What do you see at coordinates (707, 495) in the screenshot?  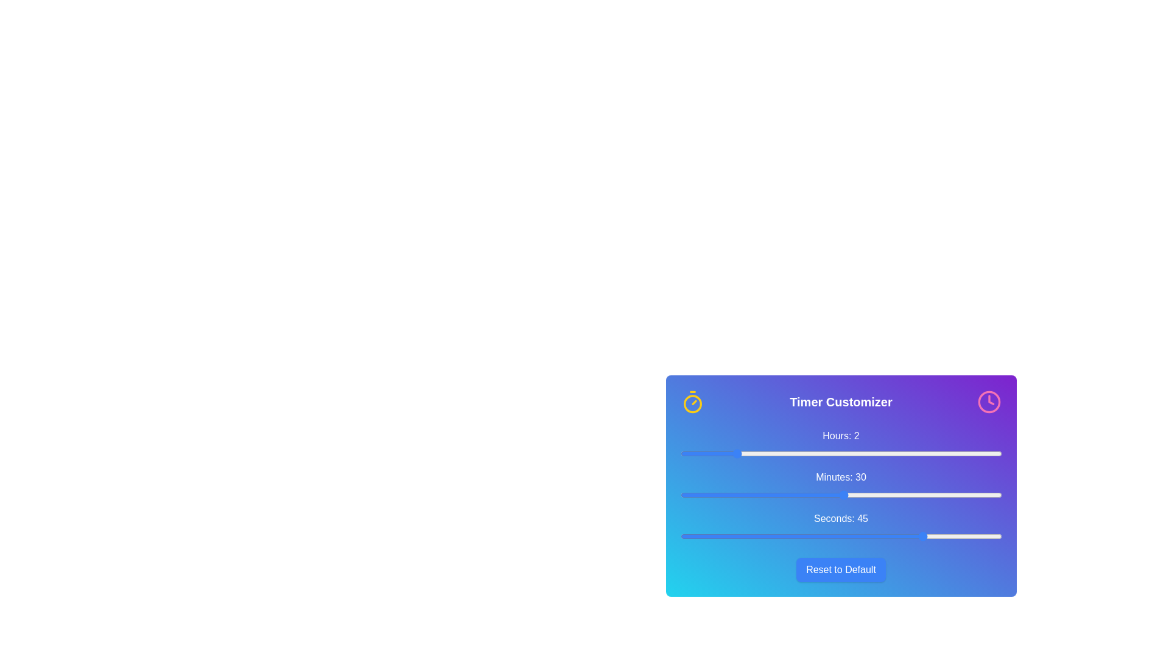 I see `the 'minutes' slider to set the value to 5` at bounding box center [707, 495].